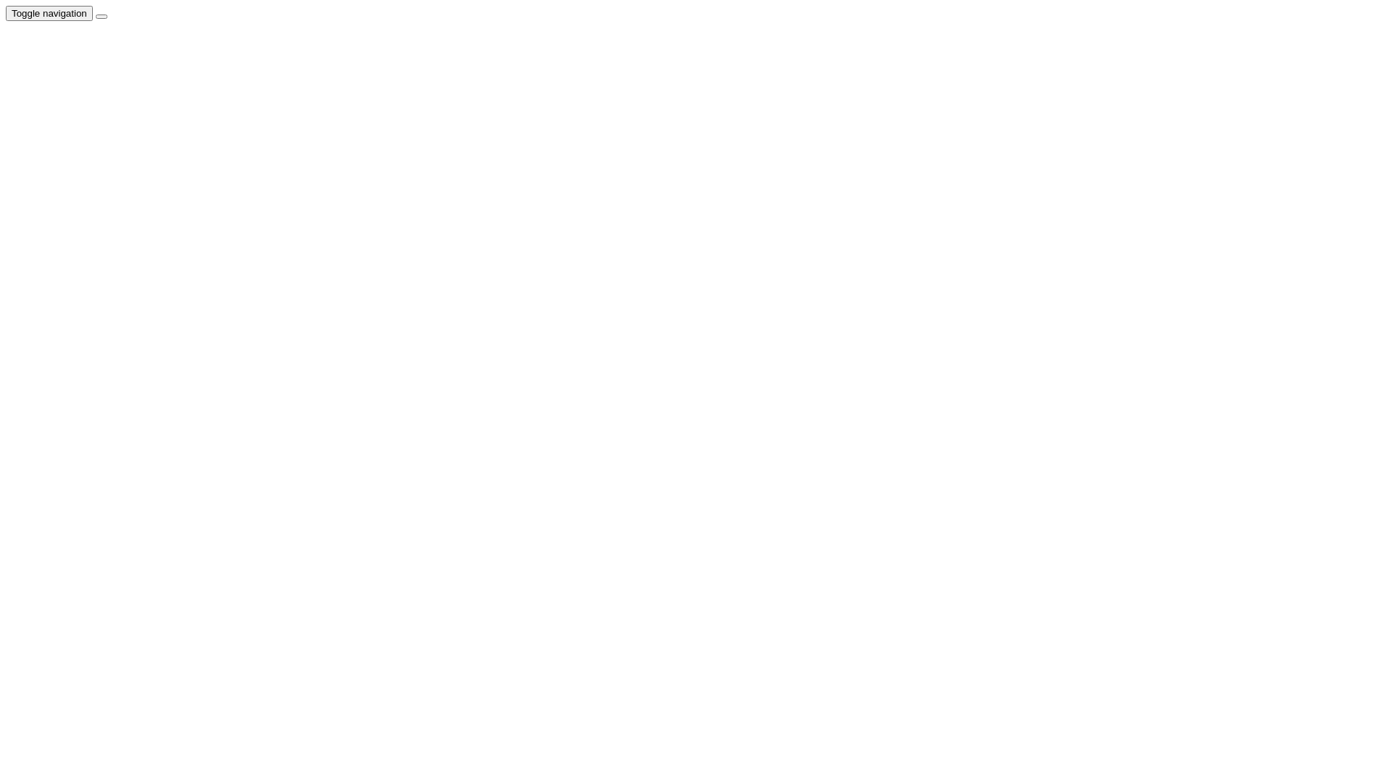  I want to click on 'Toggle navigation', so click(6, 13).